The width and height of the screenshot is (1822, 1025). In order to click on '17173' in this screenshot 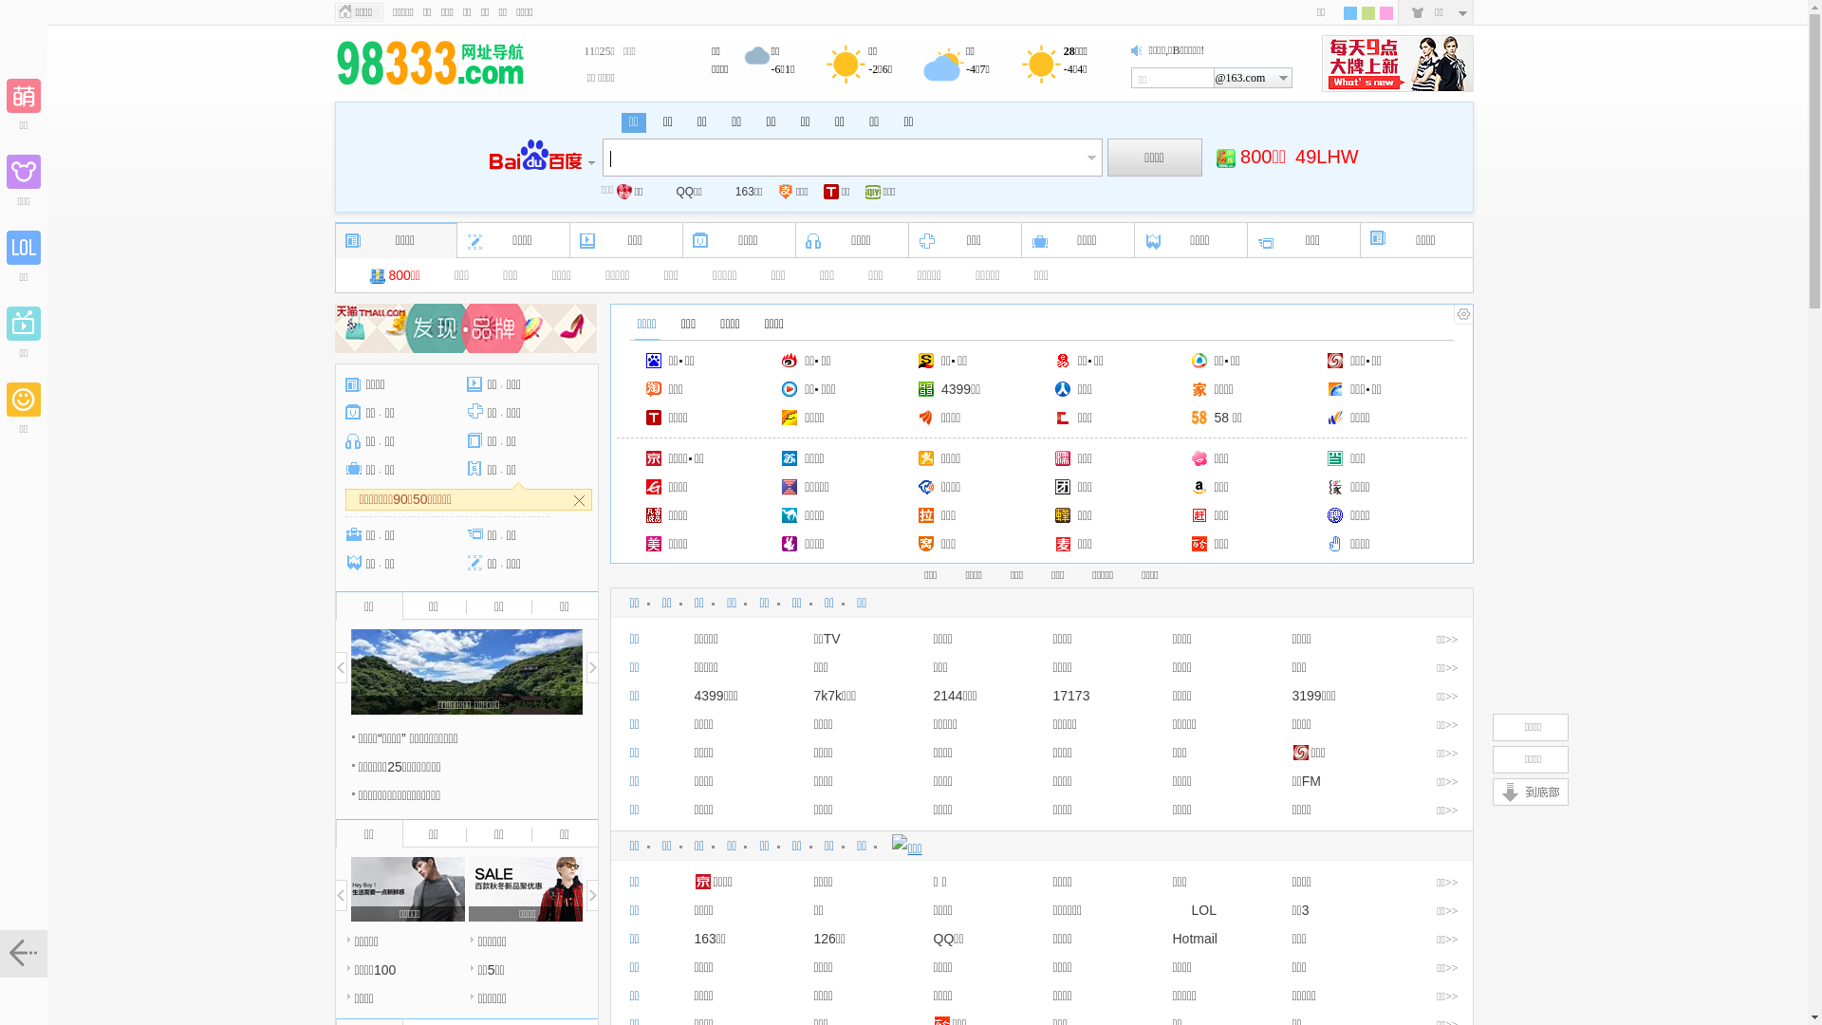, I will do `click(1051, 695)`.